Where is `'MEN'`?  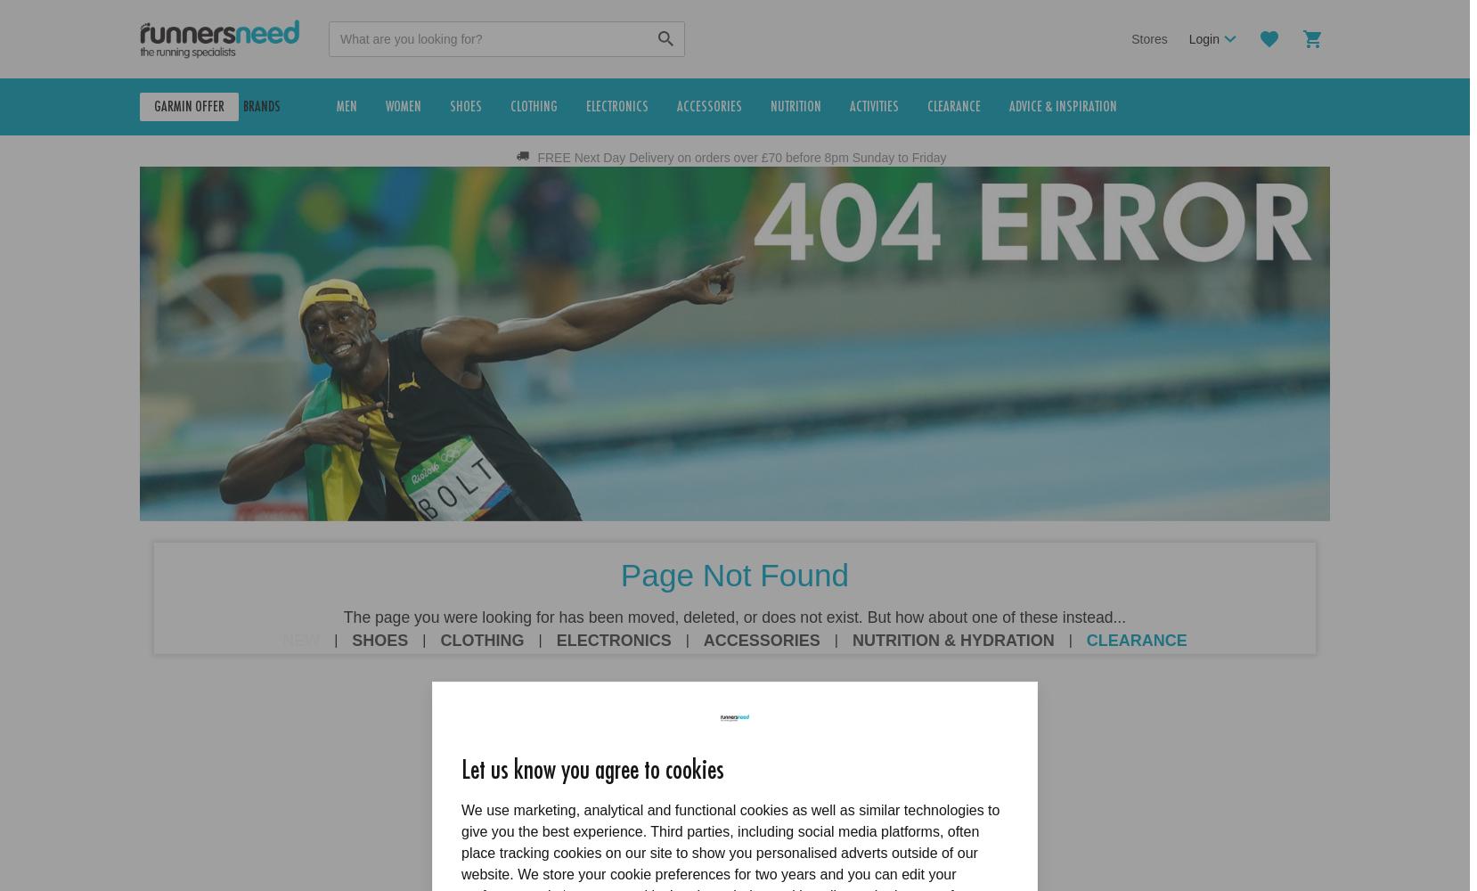 'MEN' is located at coordinates (380, 106).